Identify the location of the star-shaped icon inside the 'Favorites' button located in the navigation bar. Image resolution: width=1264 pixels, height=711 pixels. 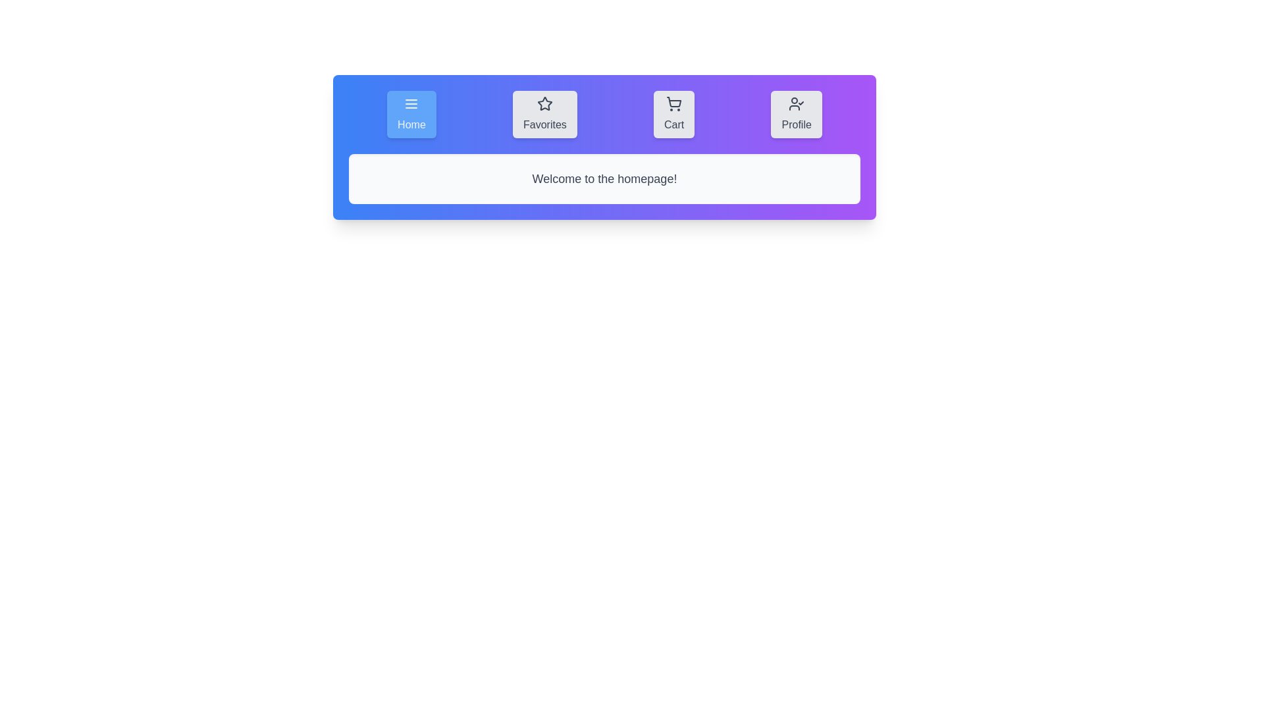
(544, 103).